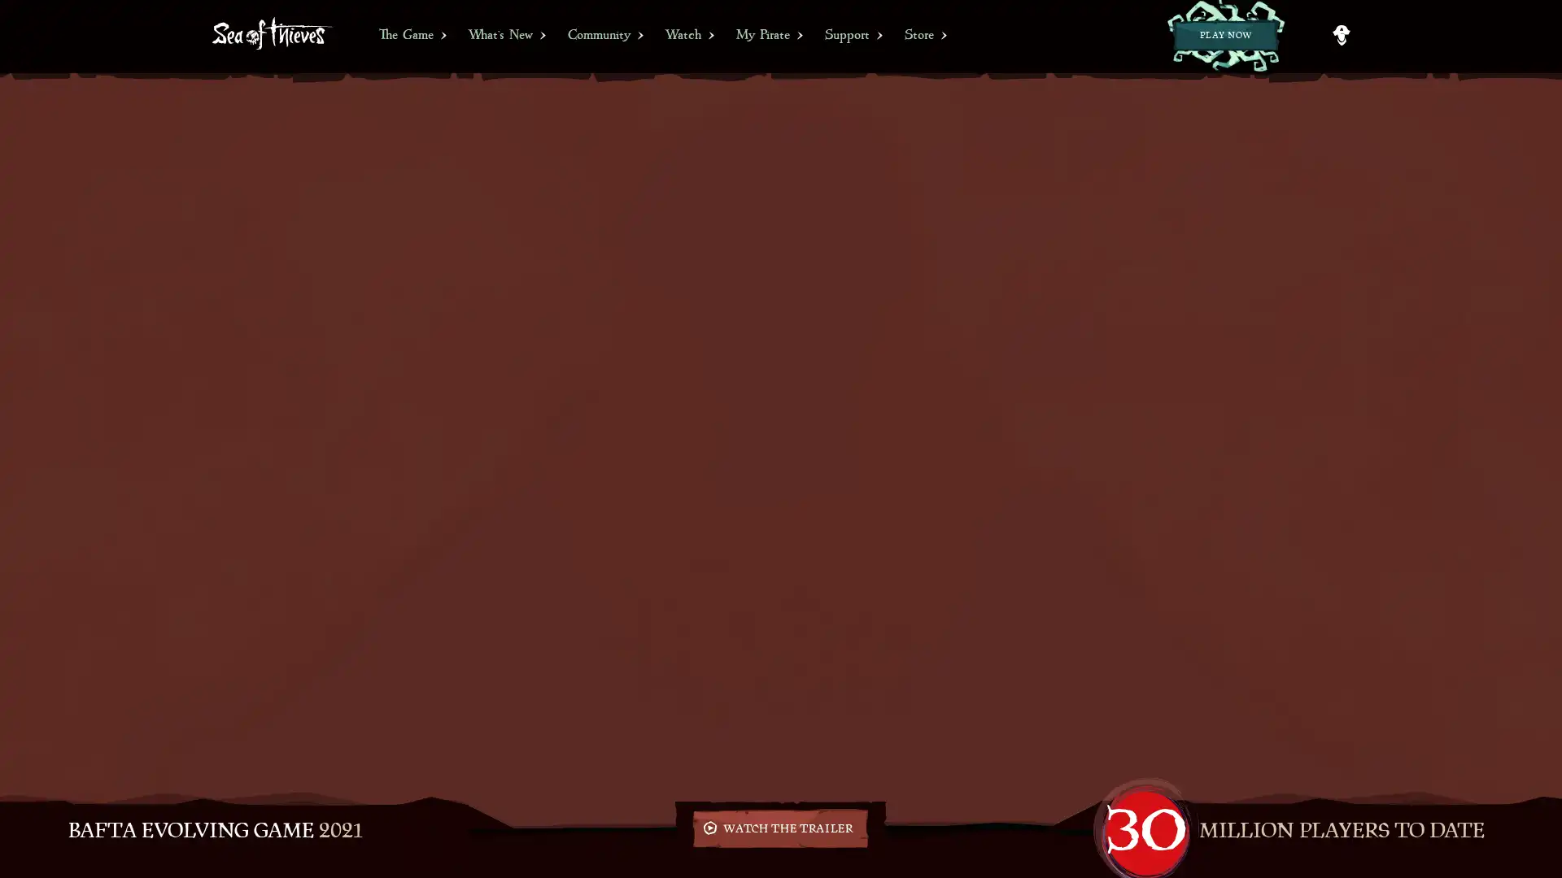 The width and height of the screenshot is (1562, 878). What do you see at coordinates (779, 828) in the screenshot?
I see `Play Watch the trailer video` at bounding box center [779, 828].